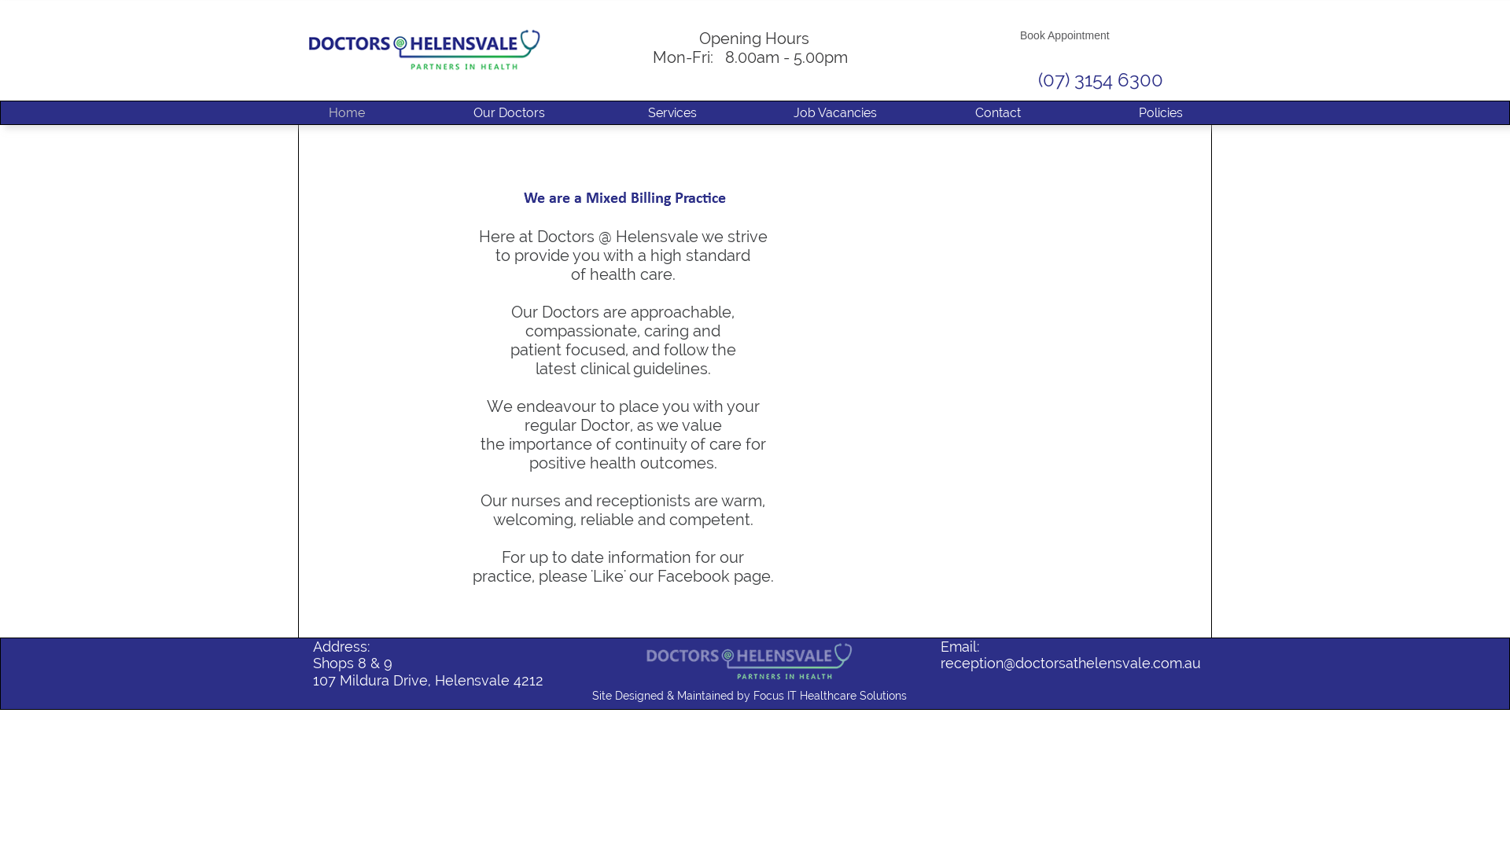 This screenshot has width=1510, height=849. I want to click on 'Job Vacancies', so click(834, 112).